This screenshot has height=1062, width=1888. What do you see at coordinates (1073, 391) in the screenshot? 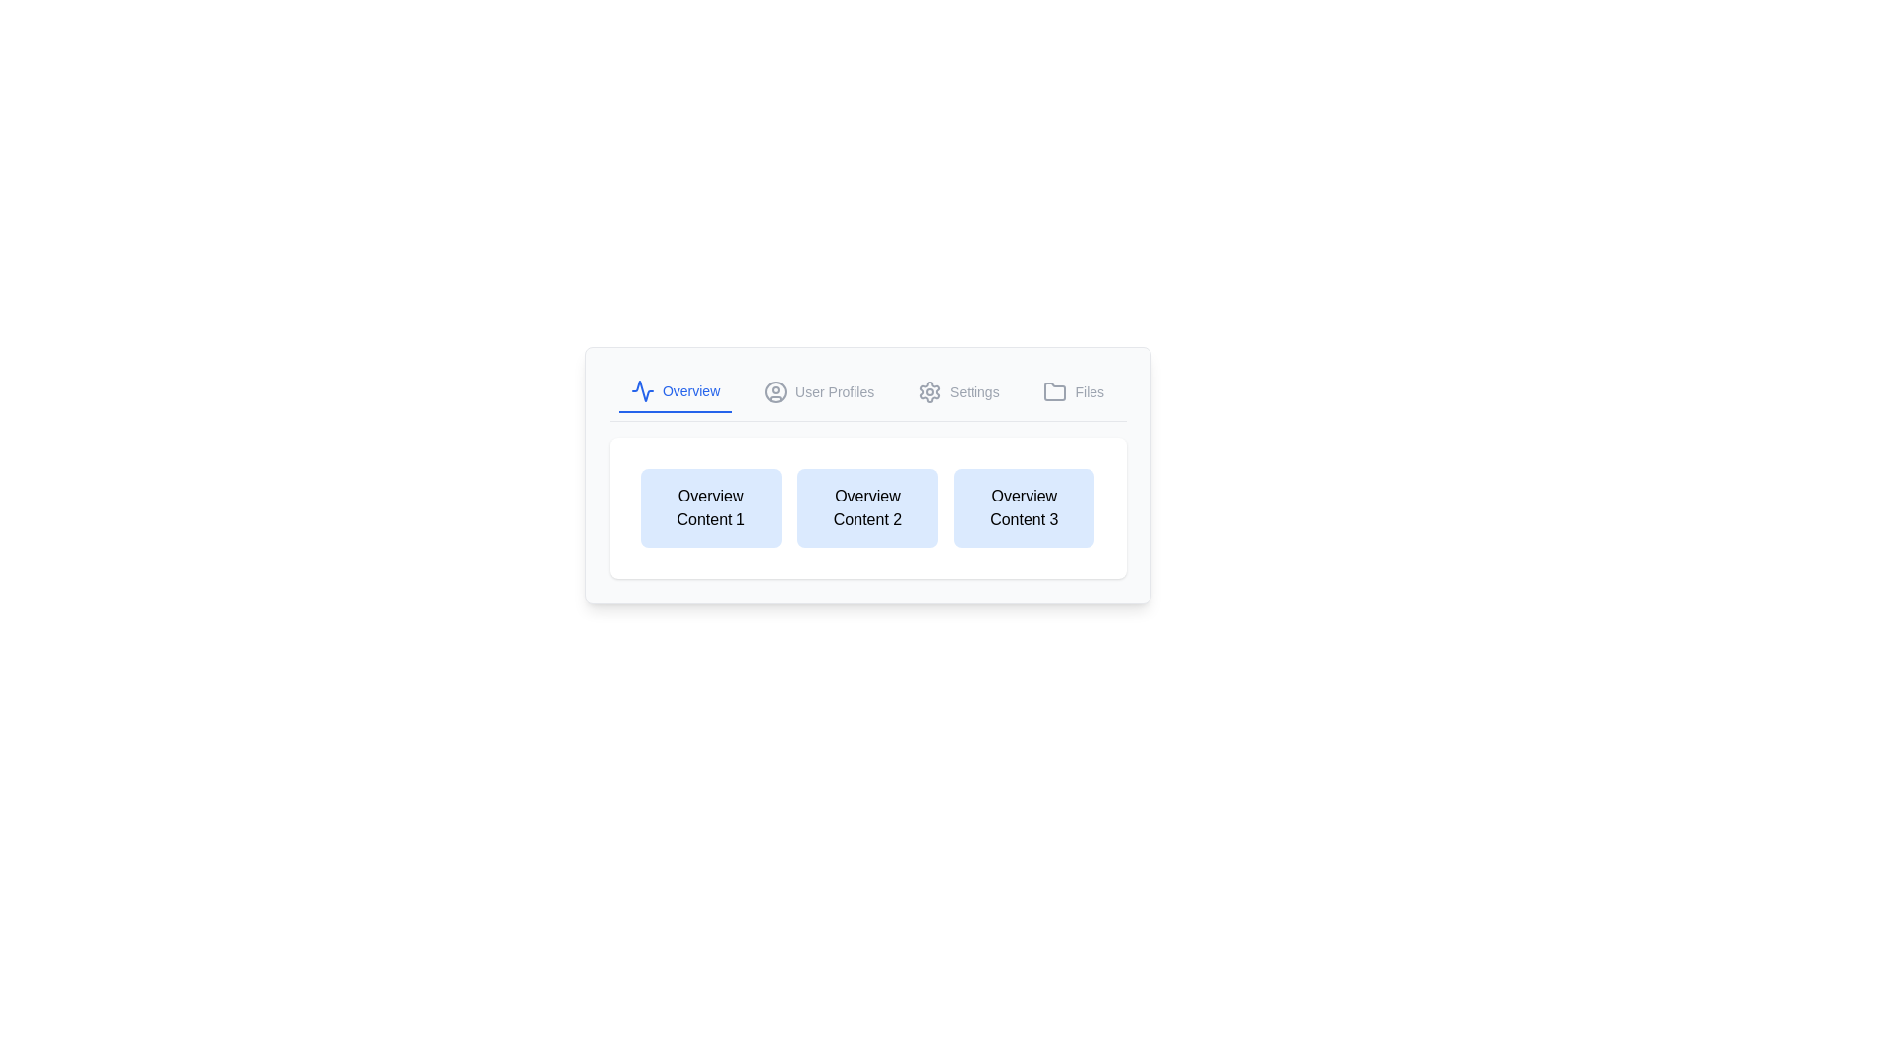
I see `the last menu item on the horizontal navigation menu` at bounding box center [1073, 391].